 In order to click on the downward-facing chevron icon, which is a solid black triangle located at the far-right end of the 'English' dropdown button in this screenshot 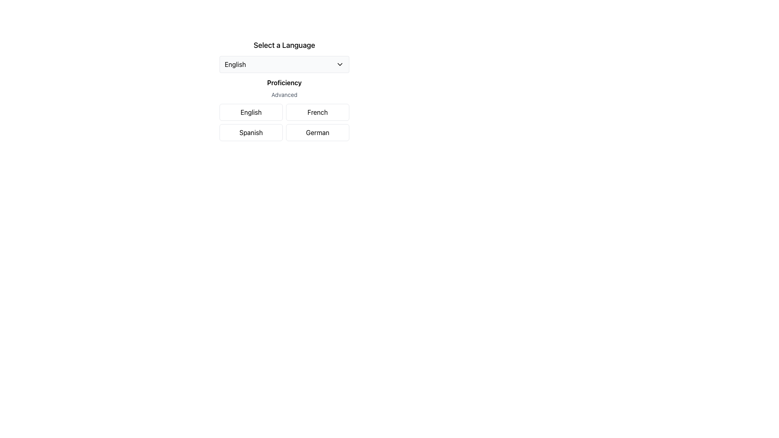, I will do `click(340, 64)`.